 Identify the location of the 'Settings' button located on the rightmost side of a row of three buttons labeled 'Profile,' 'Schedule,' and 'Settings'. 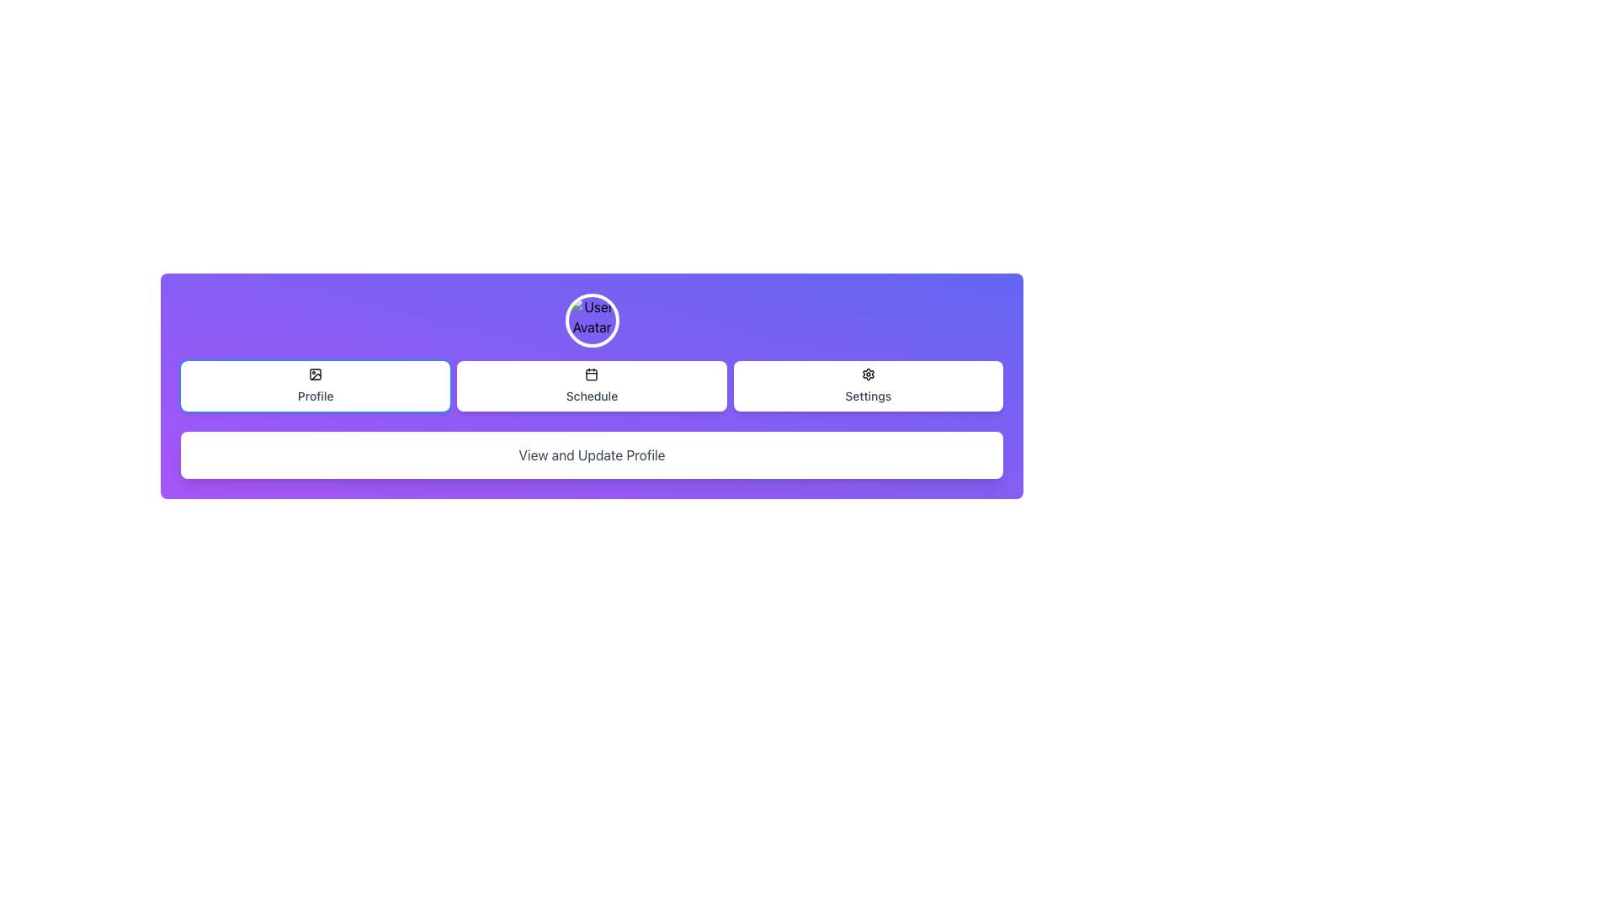
(868, 386).